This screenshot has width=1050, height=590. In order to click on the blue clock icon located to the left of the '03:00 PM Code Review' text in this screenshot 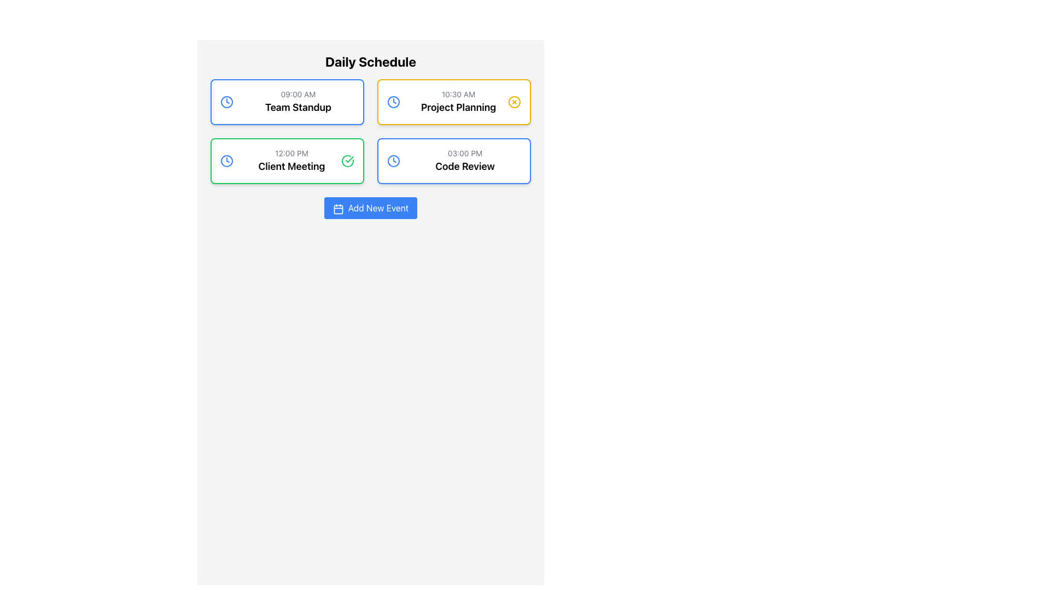, I will do `click(394, 161)`.